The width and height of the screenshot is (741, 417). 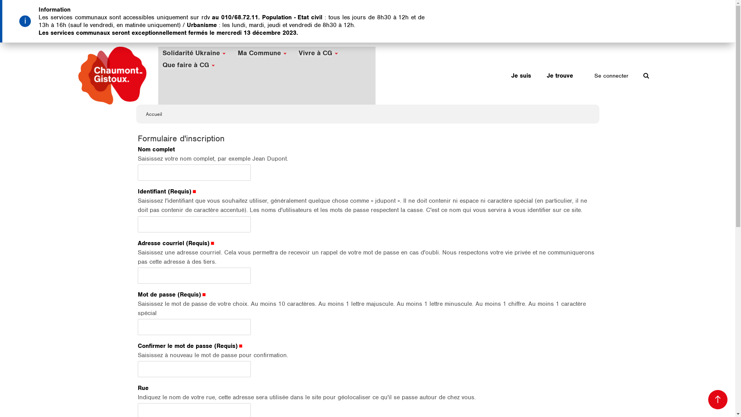 What do you see at coordinates (521, 76) in the screenshot?
I see `'Je suis'` at bounding box center [521, 76].